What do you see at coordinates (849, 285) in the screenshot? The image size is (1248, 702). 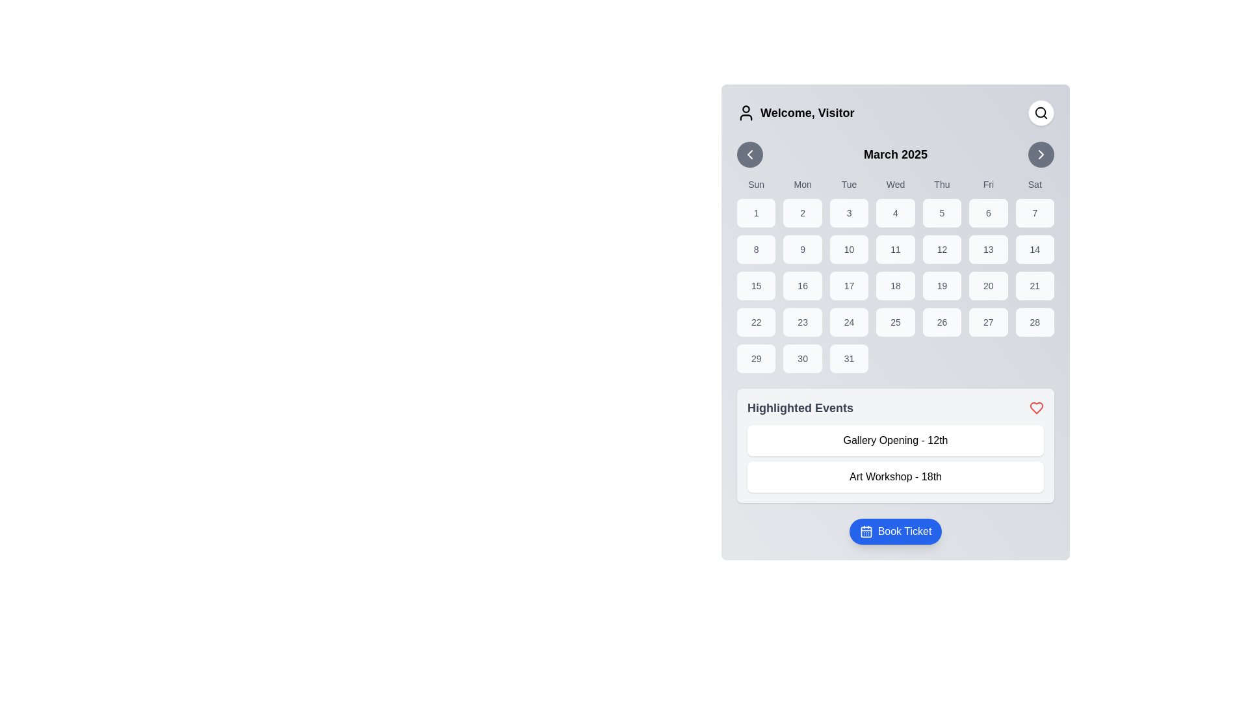 I see `the Calendar date item displaying the number '17' in the fourth row, third column of the March 2025 calendar` at bounding box center [849, 285].